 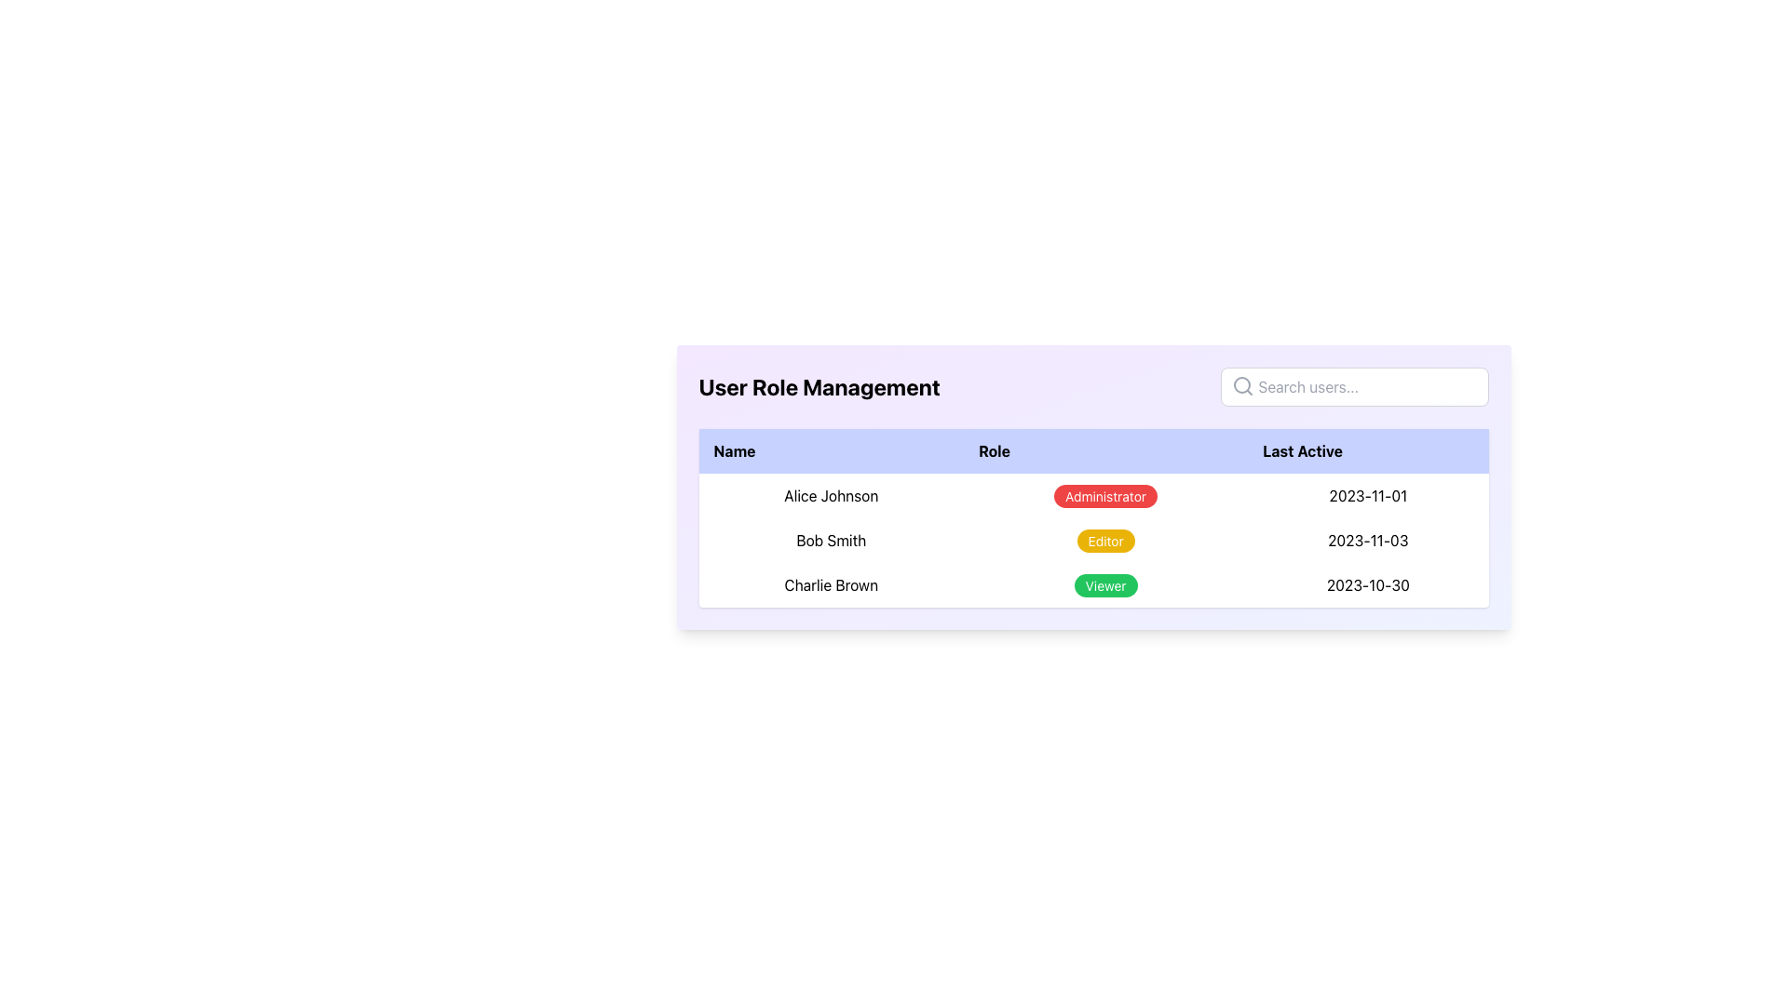 What do you see at coordinates (1105, 494) in the screenshot?
I see `the badge in the 'Role' column of the first row in the 'User Role Management' table` at bounding box center [1105, 494].